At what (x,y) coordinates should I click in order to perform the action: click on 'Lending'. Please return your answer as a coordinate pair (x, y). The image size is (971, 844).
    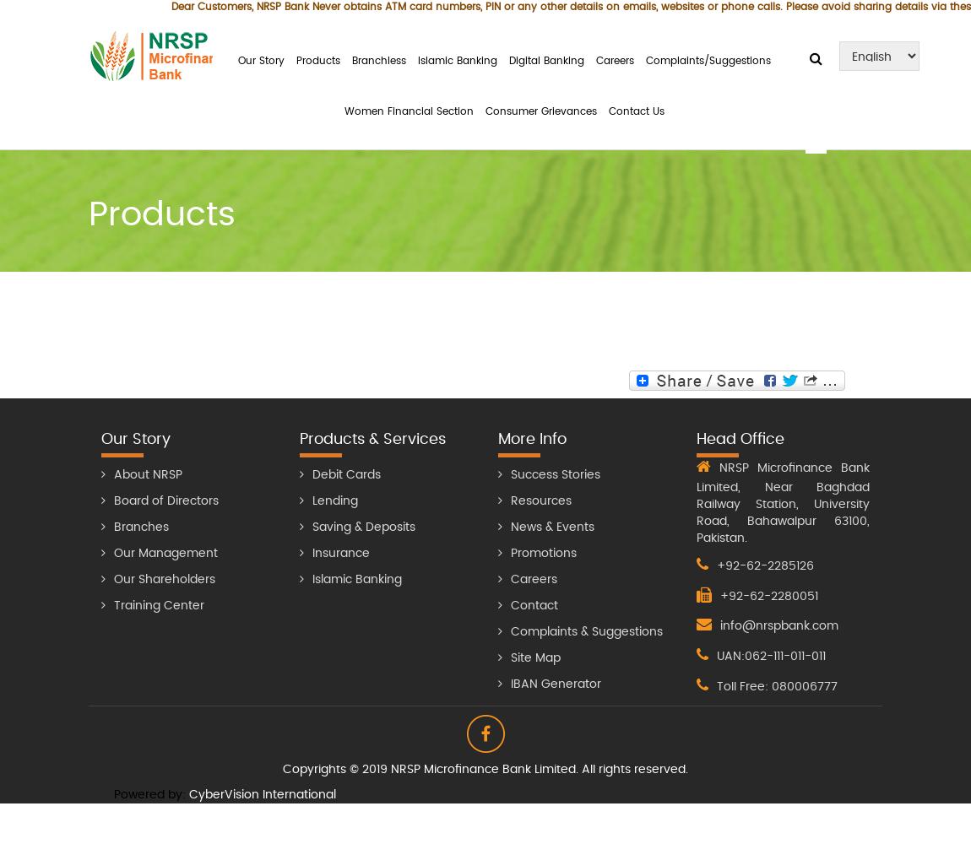
    Looking at the image, I should click on (334, 500).